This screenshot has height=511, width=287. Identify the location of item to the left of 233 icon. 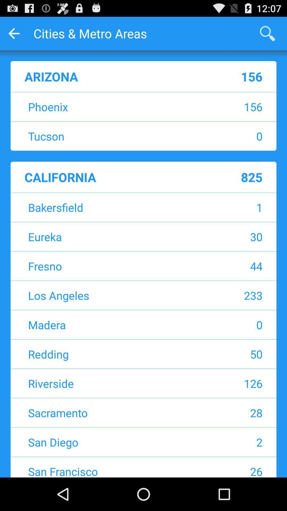
(110, 295).